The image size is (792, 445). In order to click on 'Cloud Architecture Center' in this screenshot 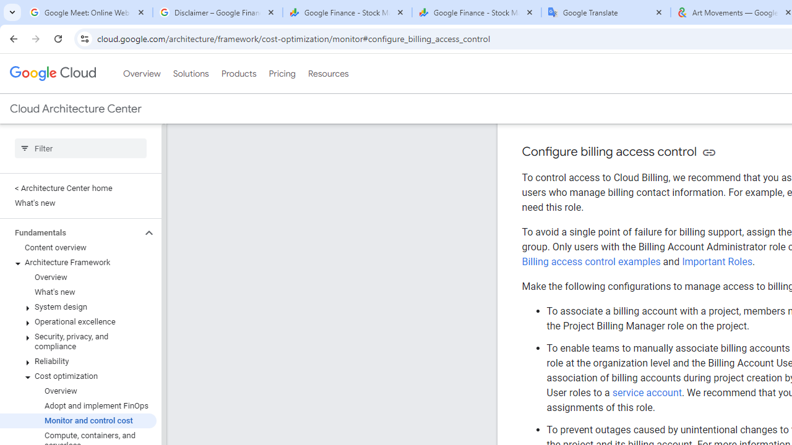, I will do `click(75, 108)`.